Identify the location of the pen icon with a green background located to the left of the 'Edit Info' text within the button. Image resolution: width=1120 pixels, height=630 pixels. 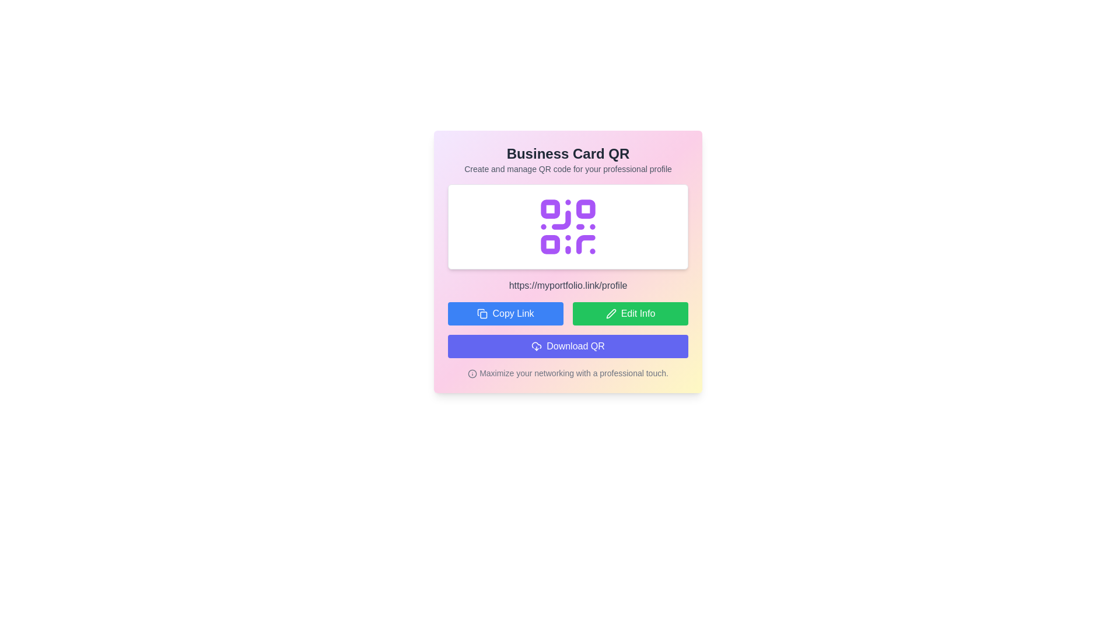
(610, 313).